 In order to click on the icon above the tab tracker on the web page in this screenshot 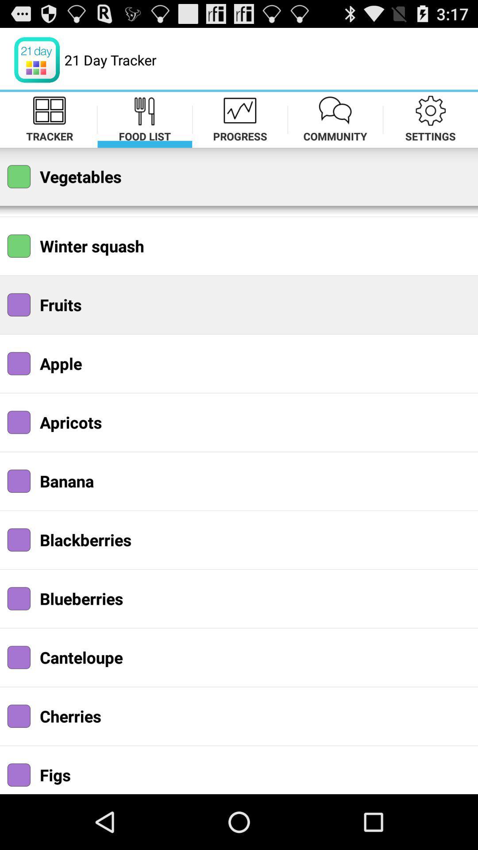, I will do `click(49, 110)`.